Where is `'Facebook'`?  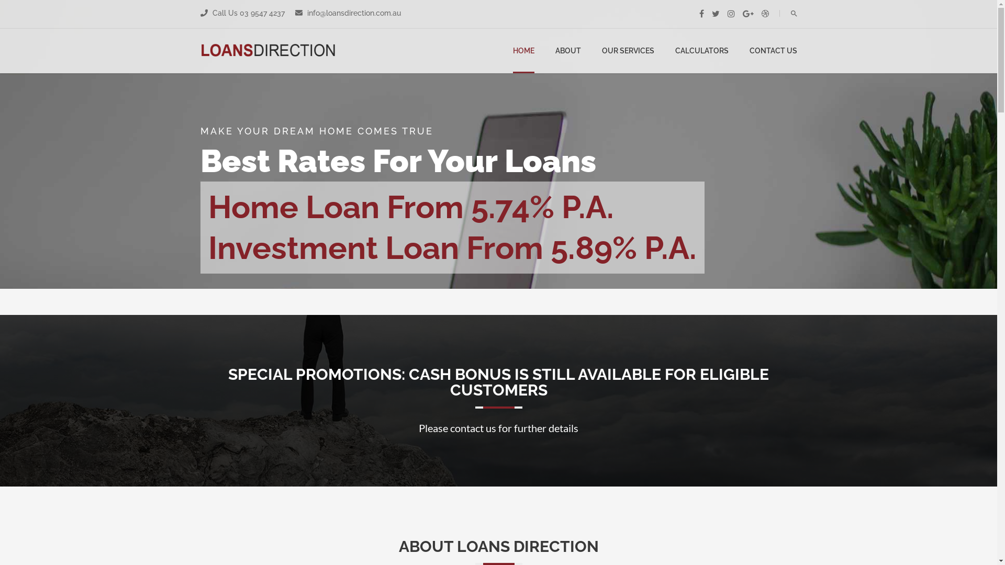 'Facebook' is located at coordinates (701, 14).